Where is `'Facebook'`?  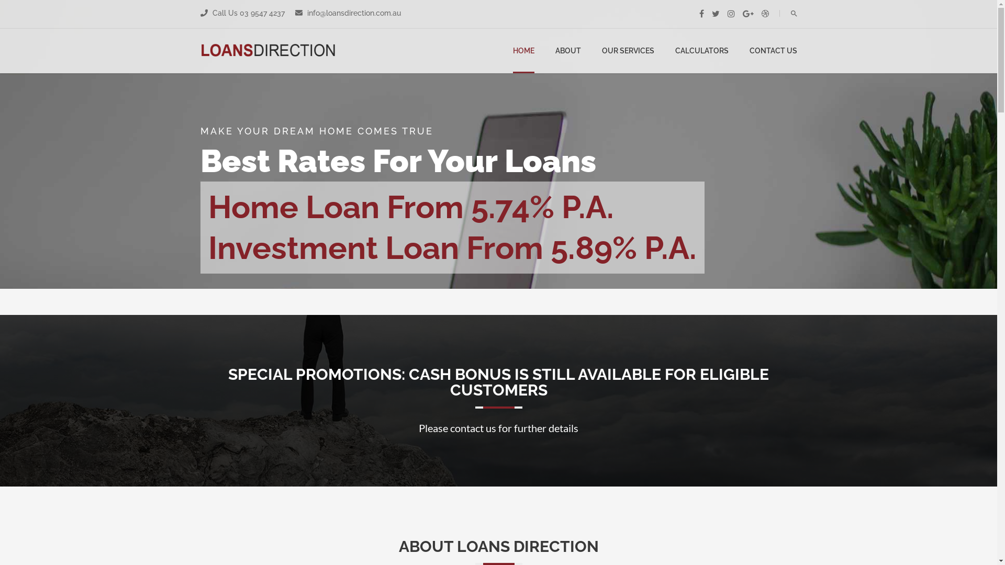 'Facebook' is located at coordinates (701, 14).